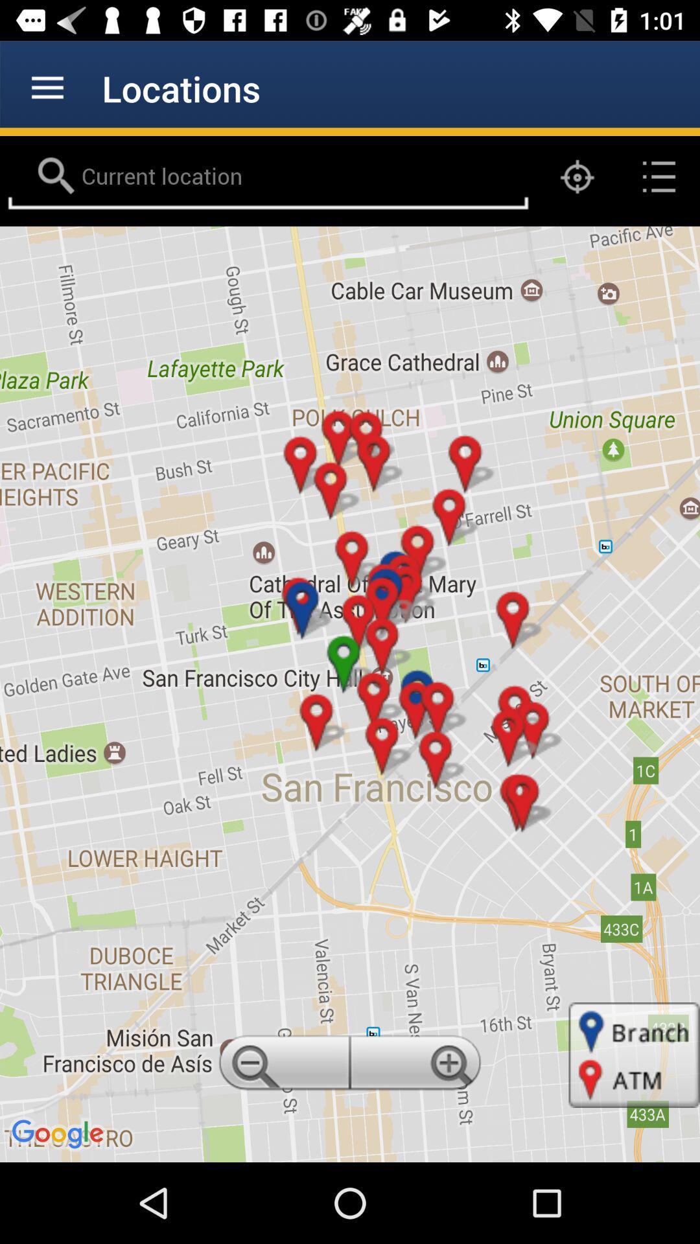 The image size is (700, 1244). What do you see at coordinates (577, 176) in the screenshot?
I see `the location_crosshair icon` at bounding box center [577, 176].